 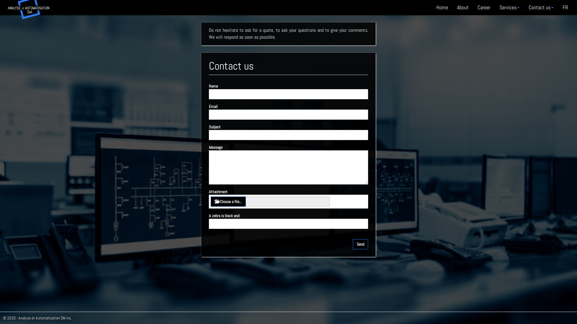 I want to click on 'Services', so click(x=509, y=7).